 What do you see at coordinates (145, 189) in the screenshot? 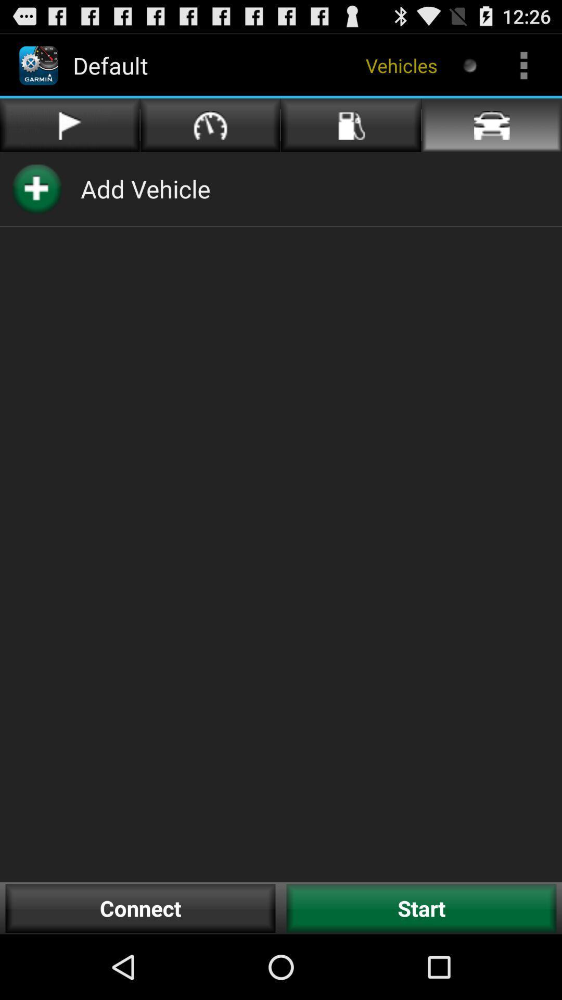
I see `add vehicle item` at bounding box center [145, 189].